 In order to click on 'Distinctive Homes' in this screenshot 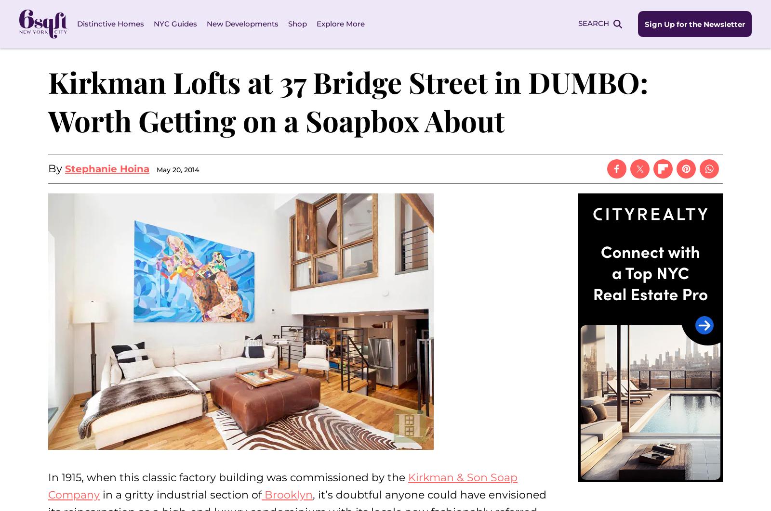, I will do `click(77, 24)`.